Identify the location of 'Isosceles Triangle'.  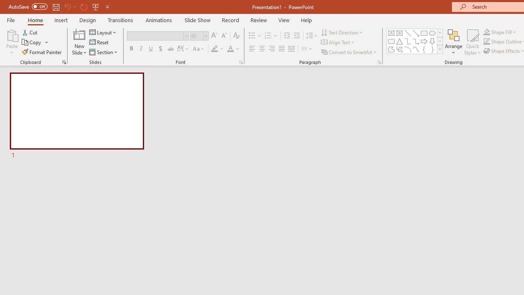
(400, 41).